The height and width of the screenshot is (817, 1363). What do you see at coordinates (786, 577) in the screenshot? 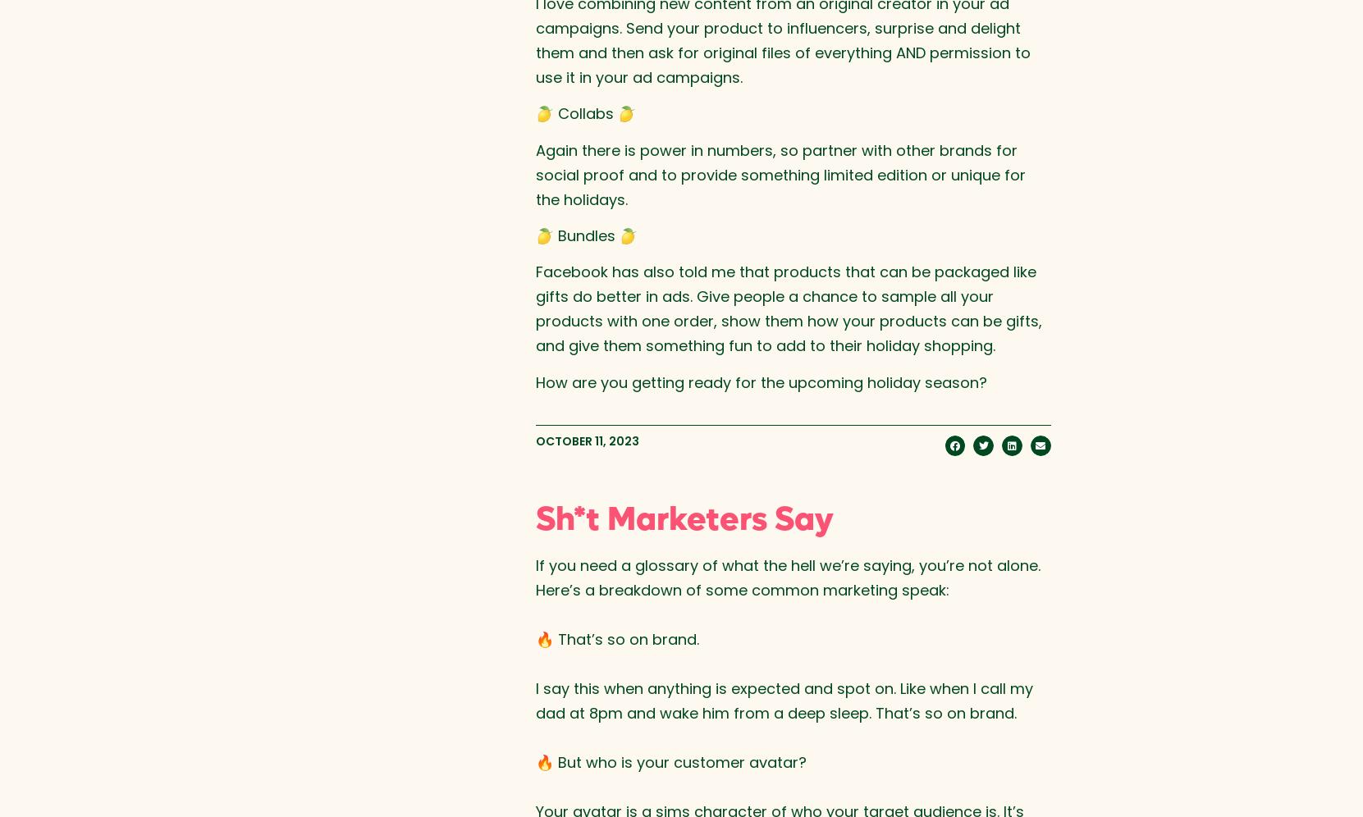
I see `'If you need a glossary of what the hell we’re saying, you’re not alone.⁠ Here’s a breakdown of some common marketing speak:⁠'` at bounding box center [786, 577].